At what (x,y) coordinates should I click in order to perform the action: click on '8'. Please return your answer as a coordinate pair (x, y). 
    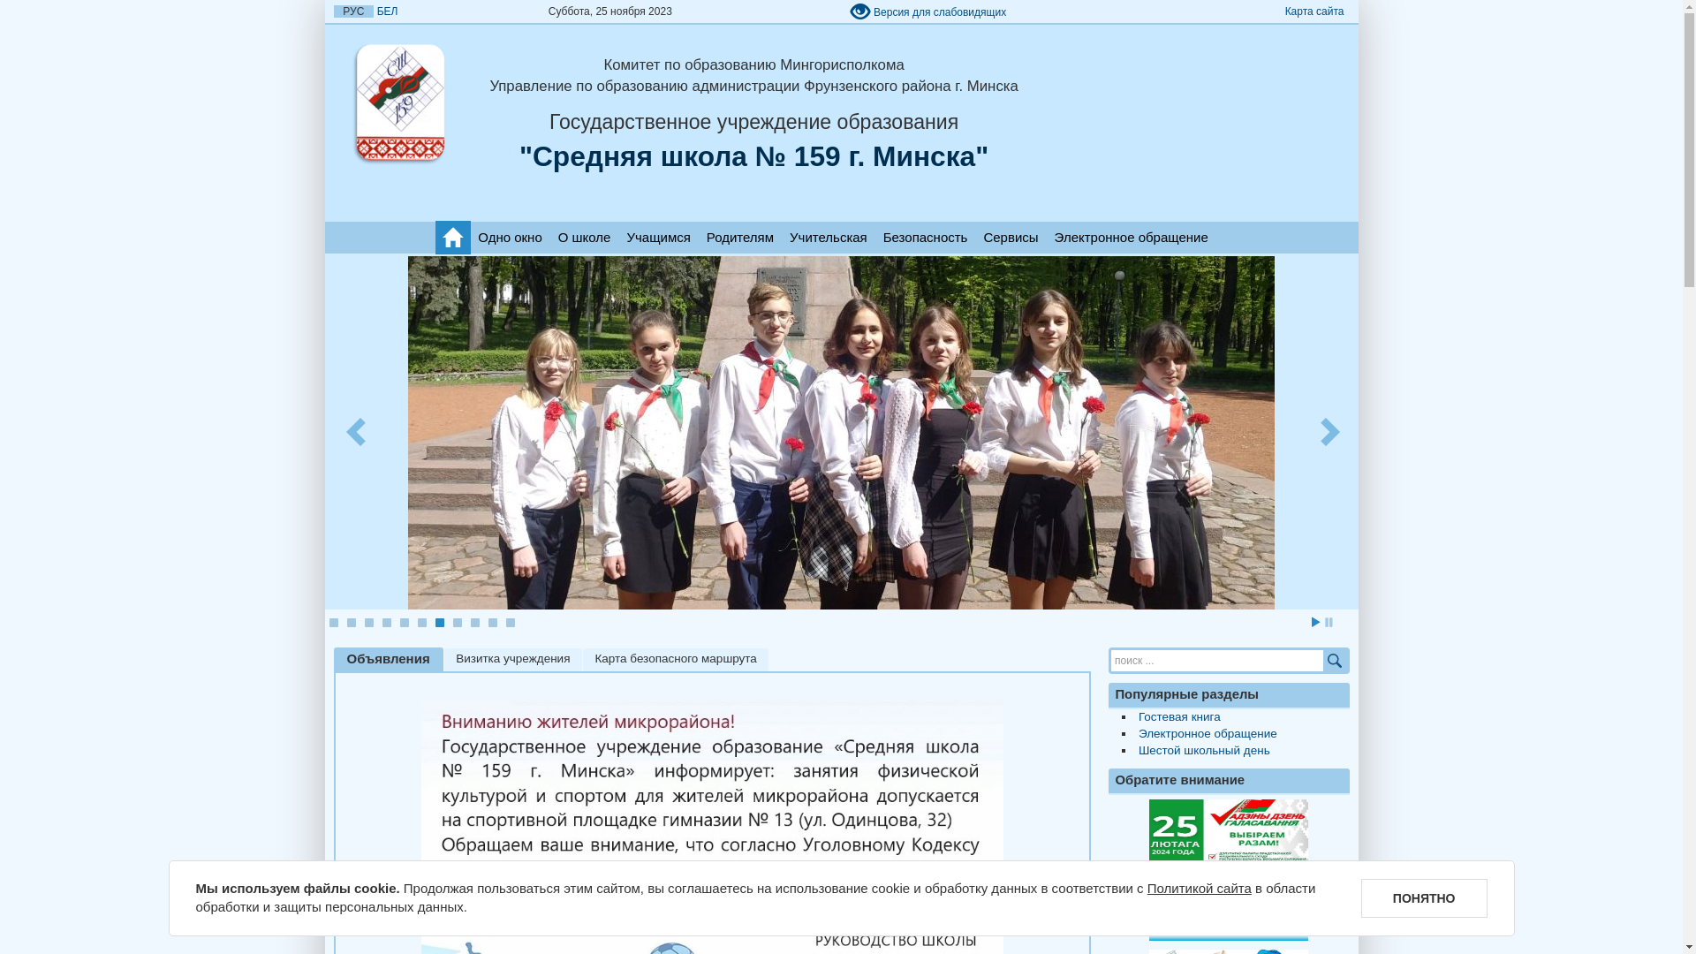
    Looking at the image, I should click on (457, 622).